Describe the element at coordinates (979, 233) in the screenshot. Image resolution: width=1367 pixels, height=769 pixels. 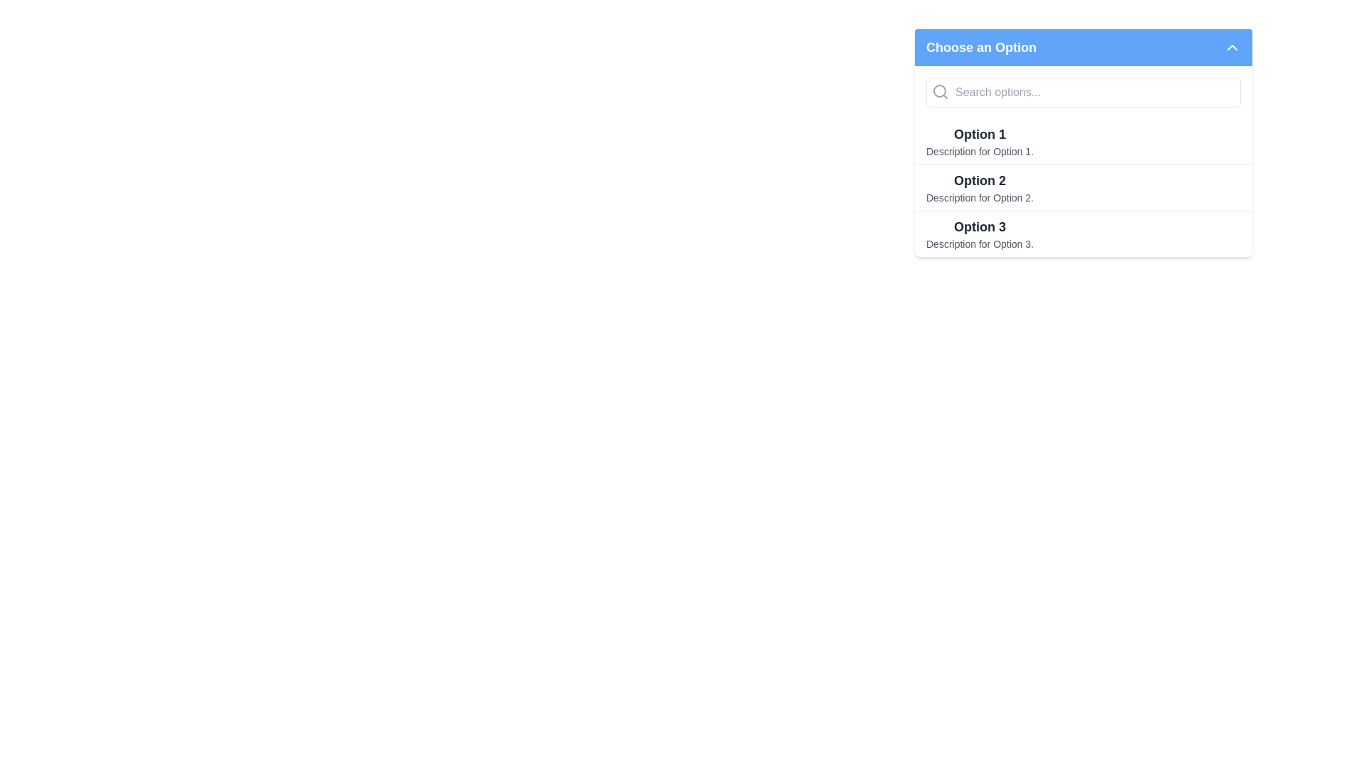
I see `the Dropdown list item labeled 'Option 3'` at that location.